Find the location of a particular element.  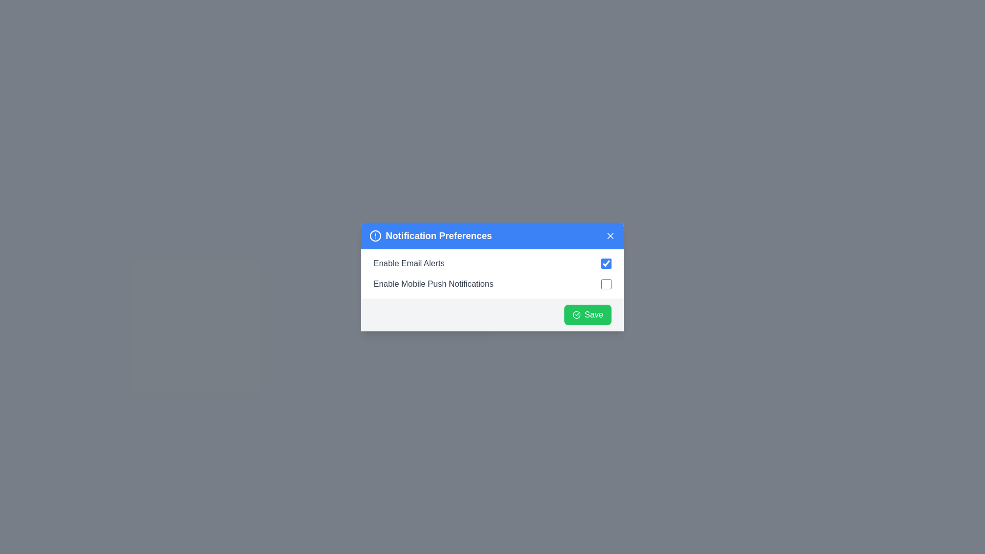

the checkbox that enables or disables mobile push notification preferences, located in the lower section of the notification configuration popup, just below 'Enable Email Alerts' is located at coordinates (493, 277).